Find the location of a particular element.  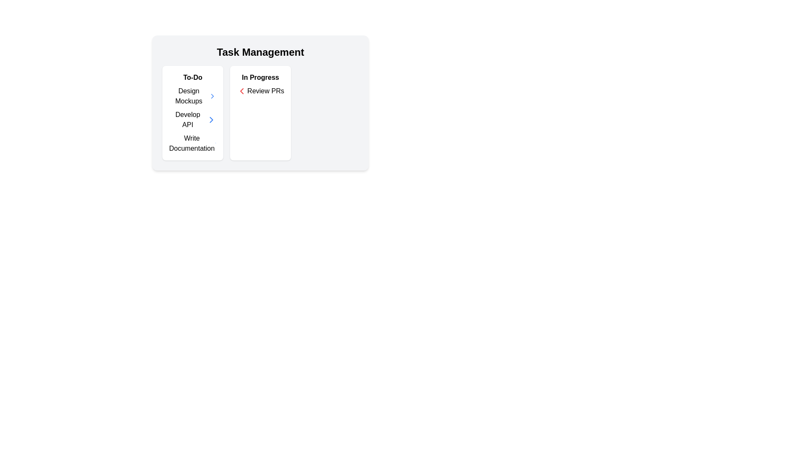

the 'Review PRs' text label located in the 'In Progress' section, to the right of a left-facing red chevron inside a rectangular white card is located at coordinates (260, 91).